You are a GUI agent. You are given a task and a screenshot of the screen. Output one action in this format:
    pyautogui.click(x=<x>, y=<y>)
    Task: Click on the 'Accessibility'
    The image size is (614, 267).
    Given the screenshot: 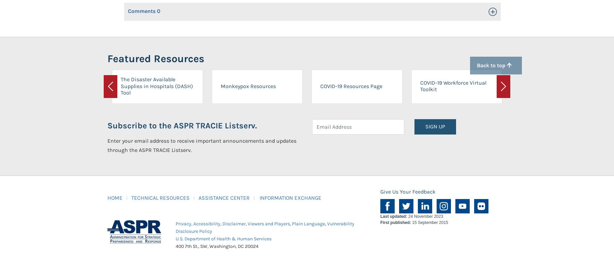 What is the action you would take?
    pyautogui.click(x=193, y=223)
    